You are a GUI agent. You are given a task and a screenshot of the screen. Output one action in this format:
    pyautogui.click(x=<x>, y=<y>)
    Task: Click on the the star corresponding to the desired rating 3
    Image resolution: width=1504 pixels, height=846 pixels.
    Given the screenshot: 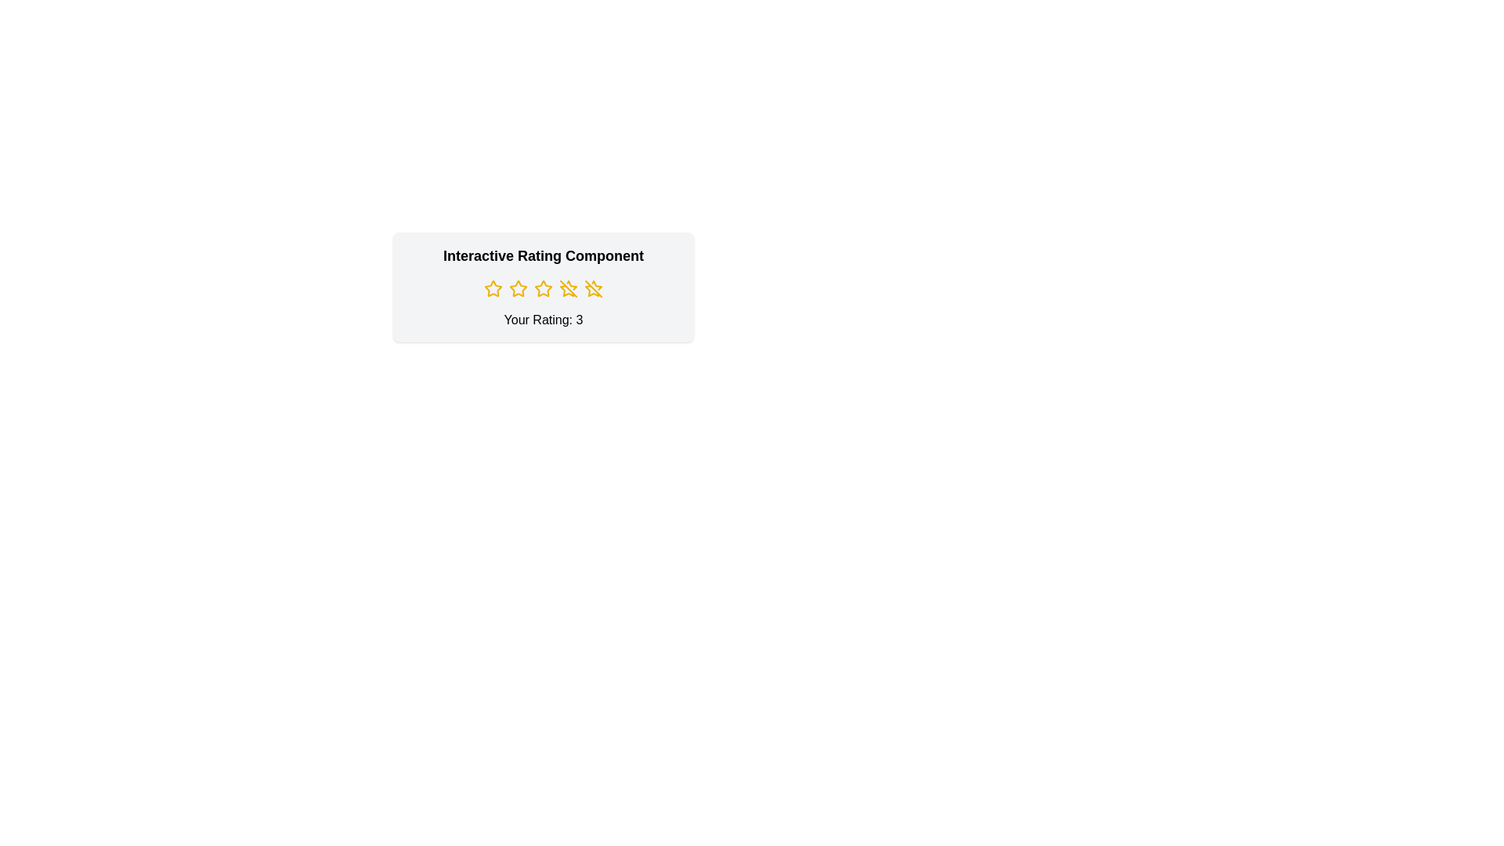 What is the action you would take?
    pyautogui.click(x=544, y=289)
    